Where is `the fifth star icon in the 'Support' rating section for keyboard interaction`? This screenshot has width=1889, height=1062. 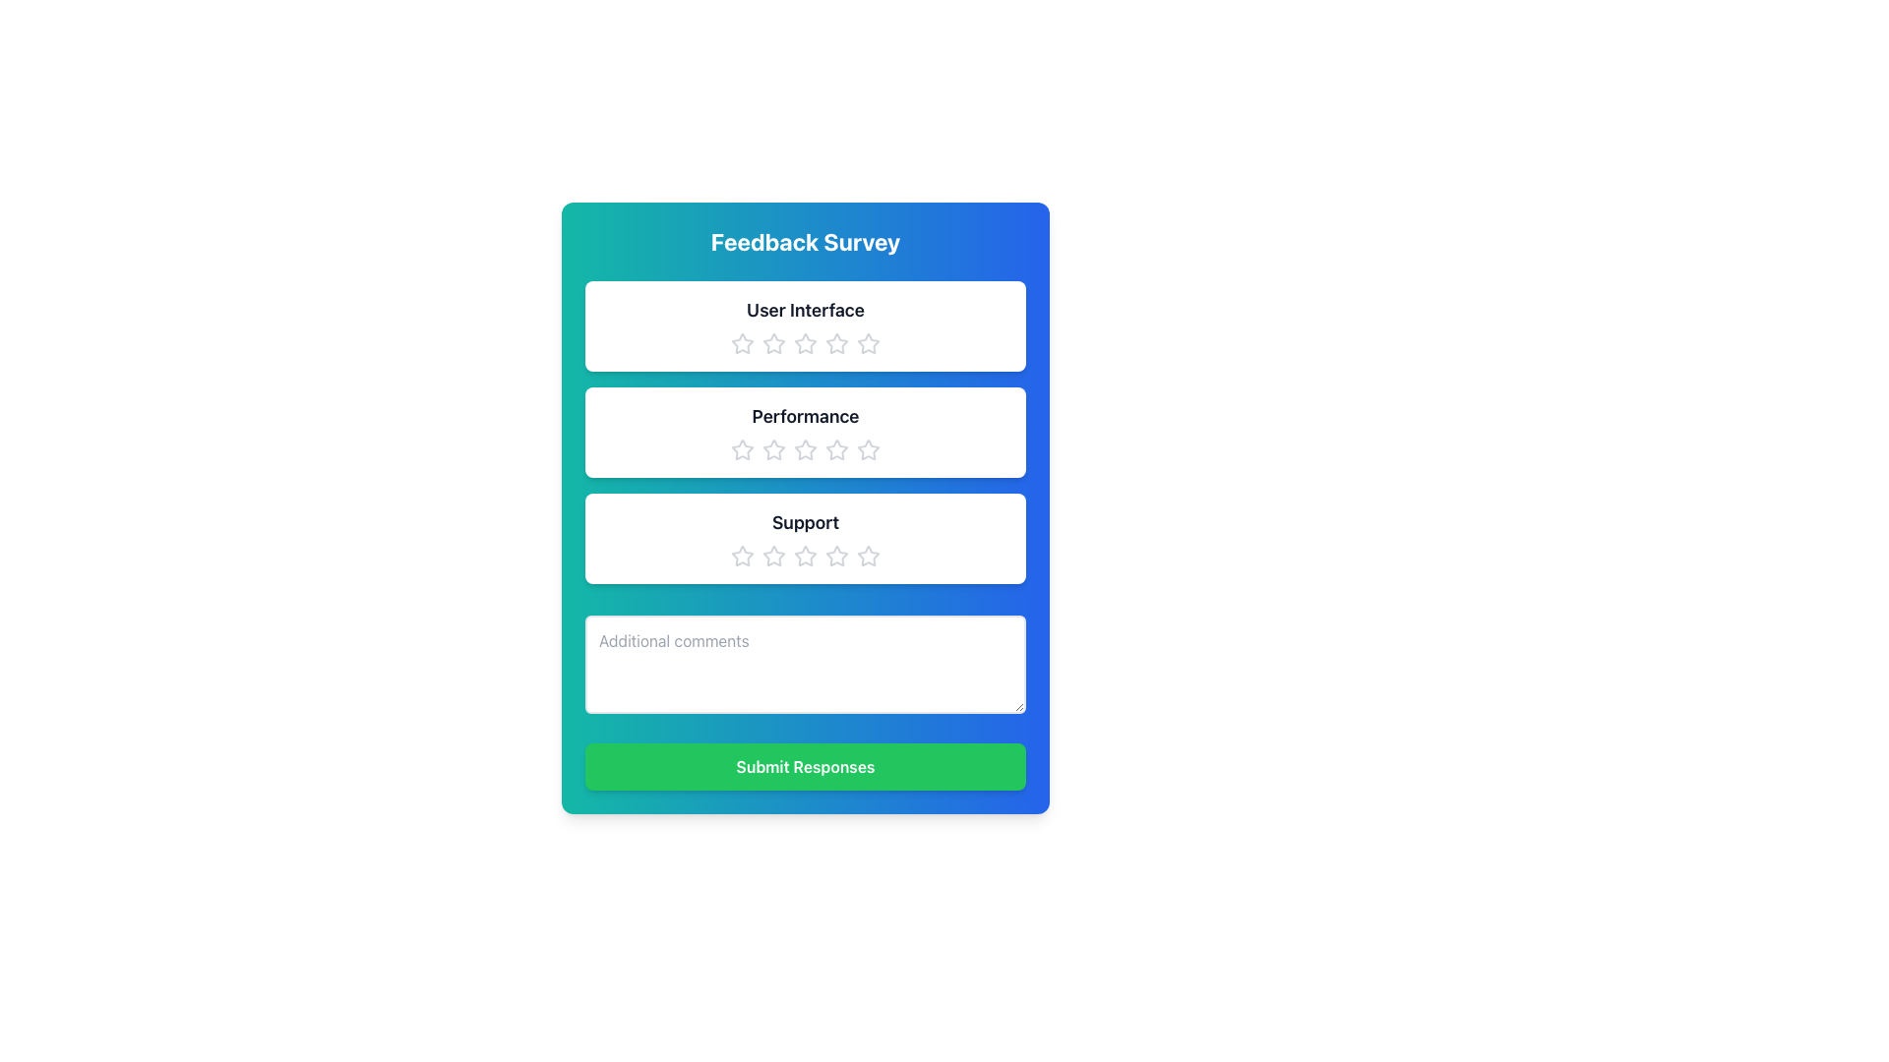 the fifth star icon in the 'Support' rating section for keyboard interaction is located at coordinates (836, 557).